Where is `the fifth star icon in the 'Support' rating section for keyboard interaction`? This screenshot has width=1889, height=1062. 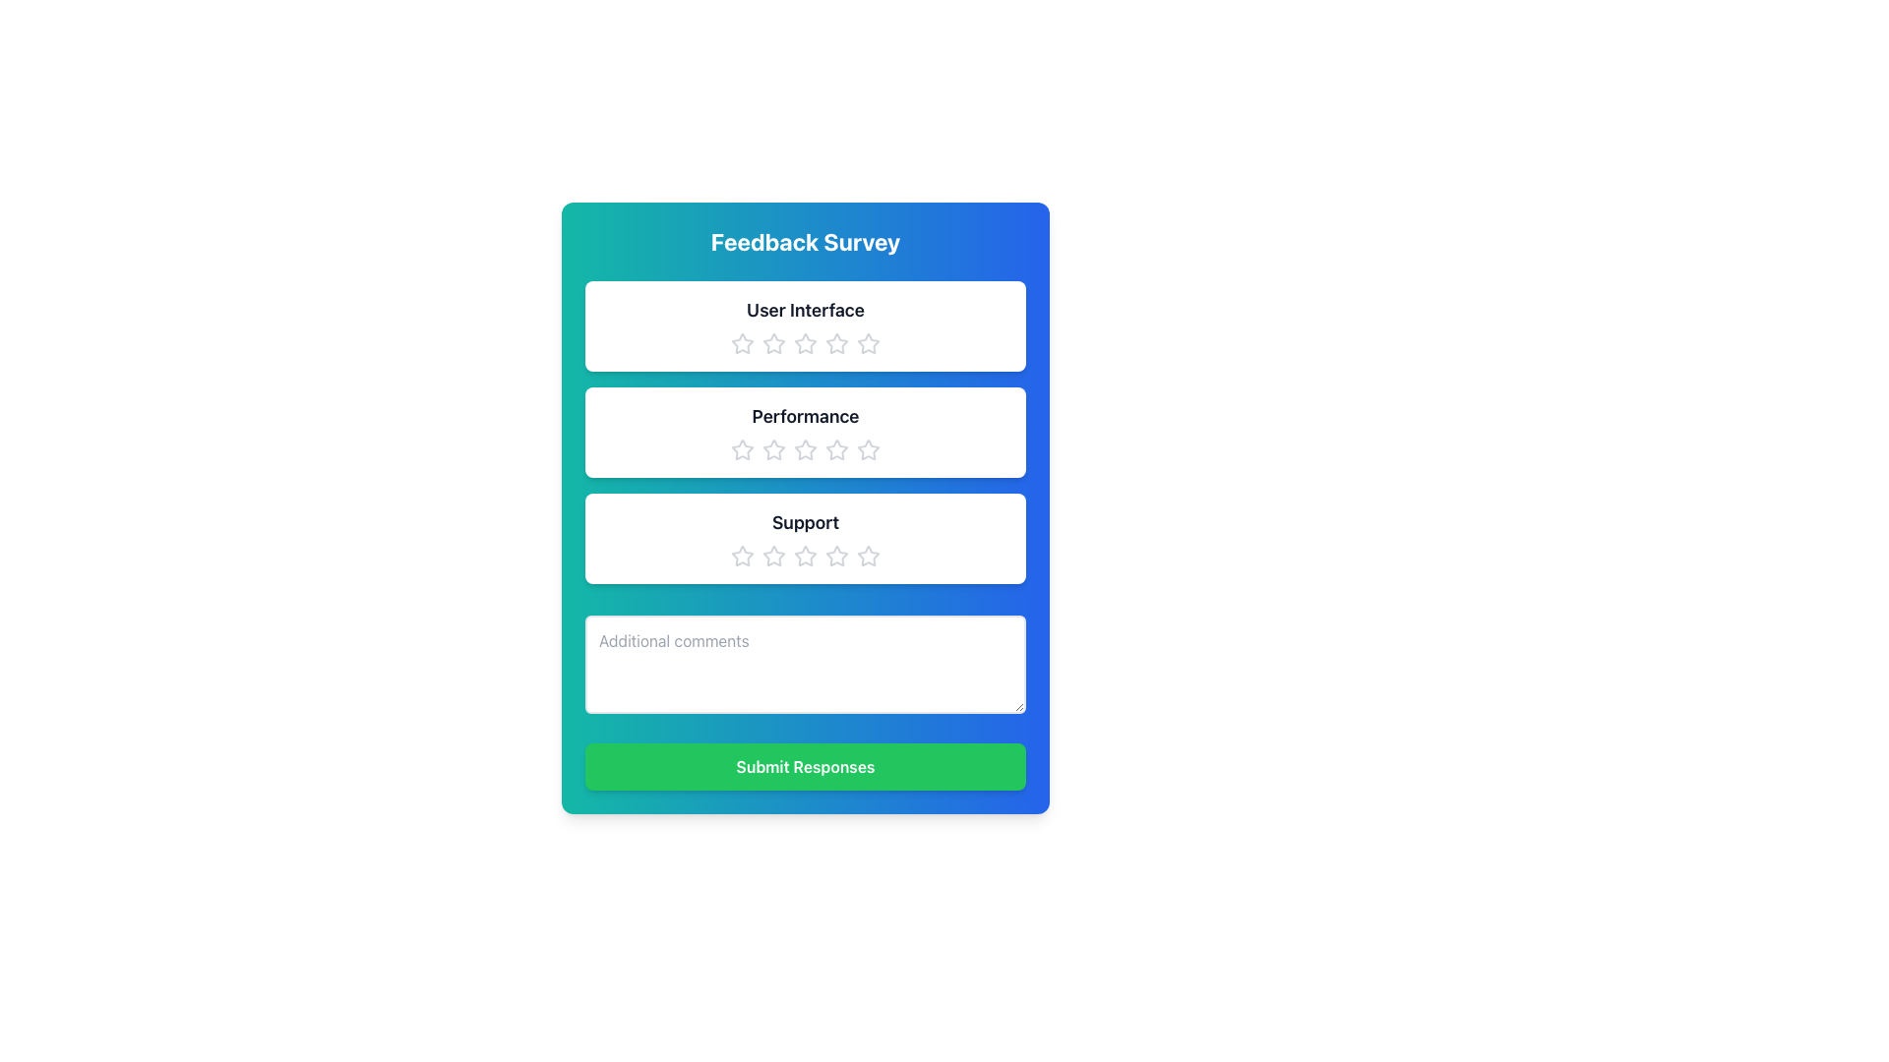 the fifth star icon in the 'Support' rating section for keyboard interaction is located at coordinates (836, 557).